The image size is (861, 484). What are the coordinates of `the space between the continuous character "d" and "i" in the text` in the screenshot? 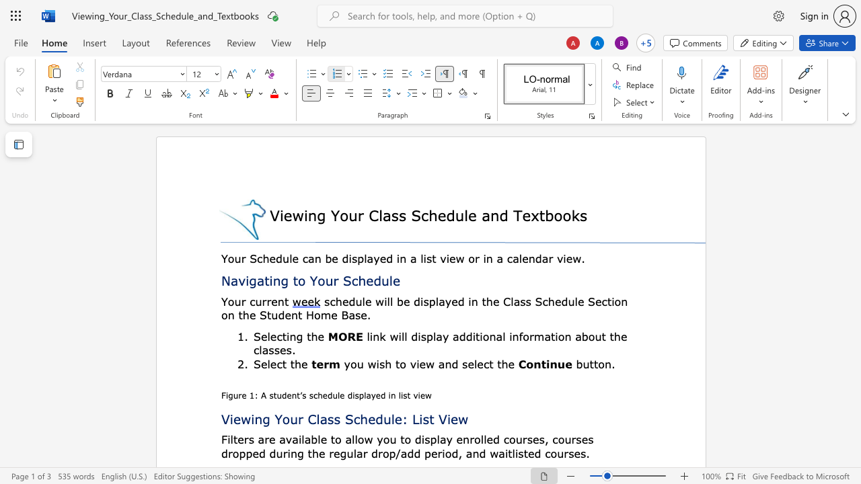 It's located at (352, 395).